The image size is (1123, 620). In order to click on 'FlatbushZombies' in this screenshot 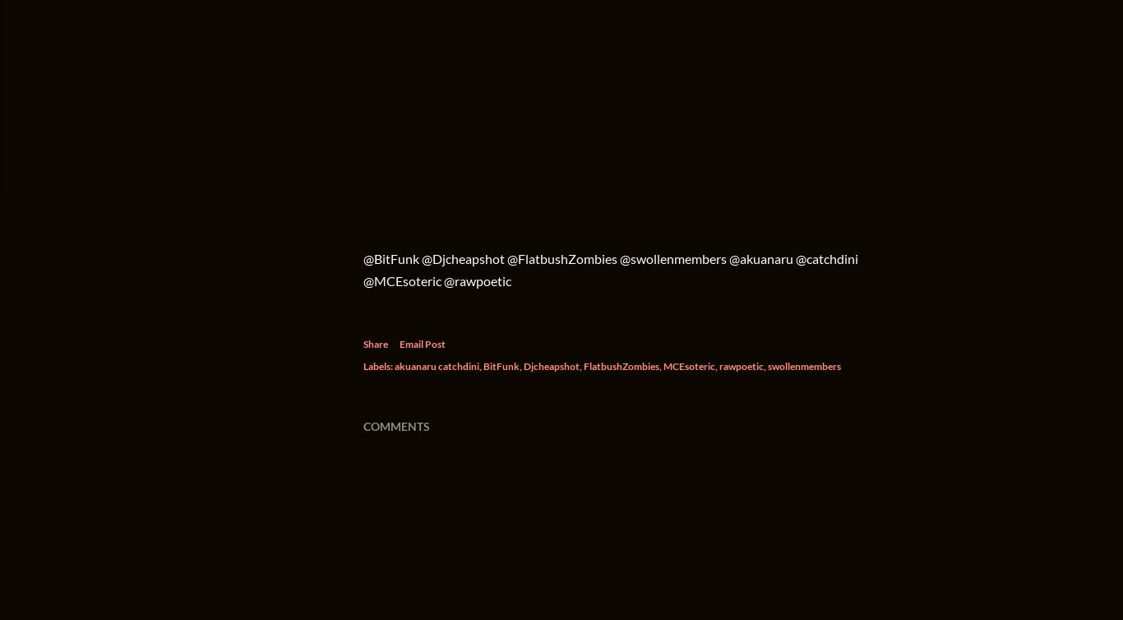, I will do `click(621, 366)`.